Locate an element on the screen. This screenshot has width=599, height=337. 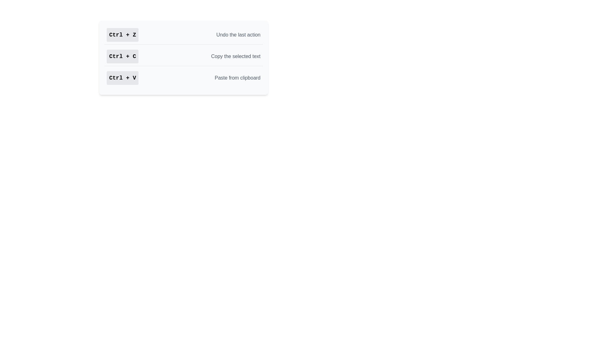
the static text label displaying the keyboard shortcut 'Ctrl + V', which indicates the action of pasting content from the clipboard is located at coordinates (123, 78).